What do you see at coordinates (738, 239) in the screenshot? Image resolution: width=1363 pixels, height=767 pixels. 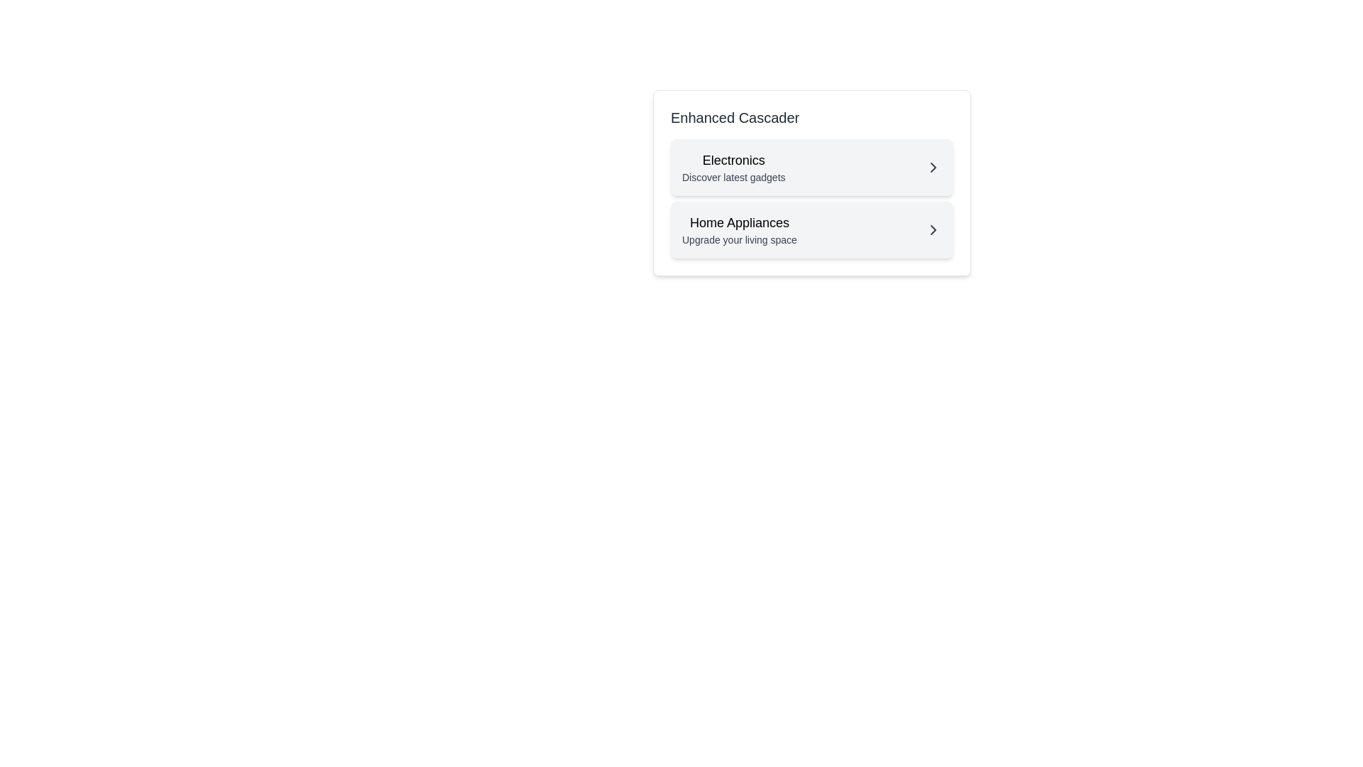 I see `the text label that serves as a descriptive caption for the 'Home Appliances' entry, positioned directly below the sibling element containing 'Home Appliances'` at bounding box center [738, 239].